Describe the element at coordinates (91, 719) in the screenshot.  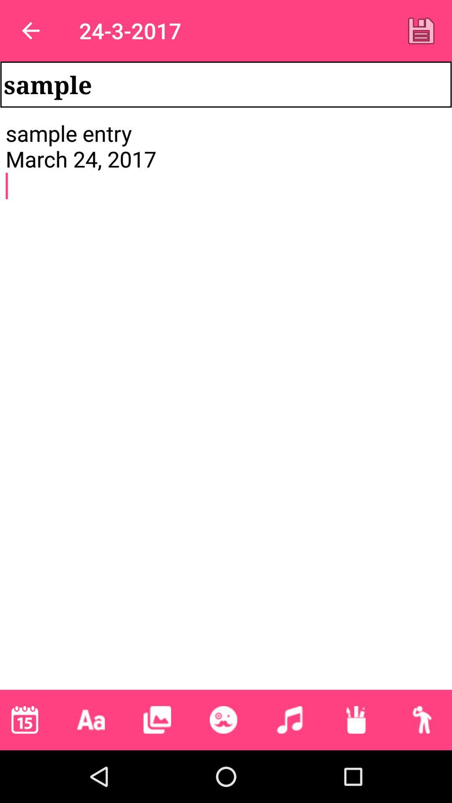
I see `change the font` at that location.